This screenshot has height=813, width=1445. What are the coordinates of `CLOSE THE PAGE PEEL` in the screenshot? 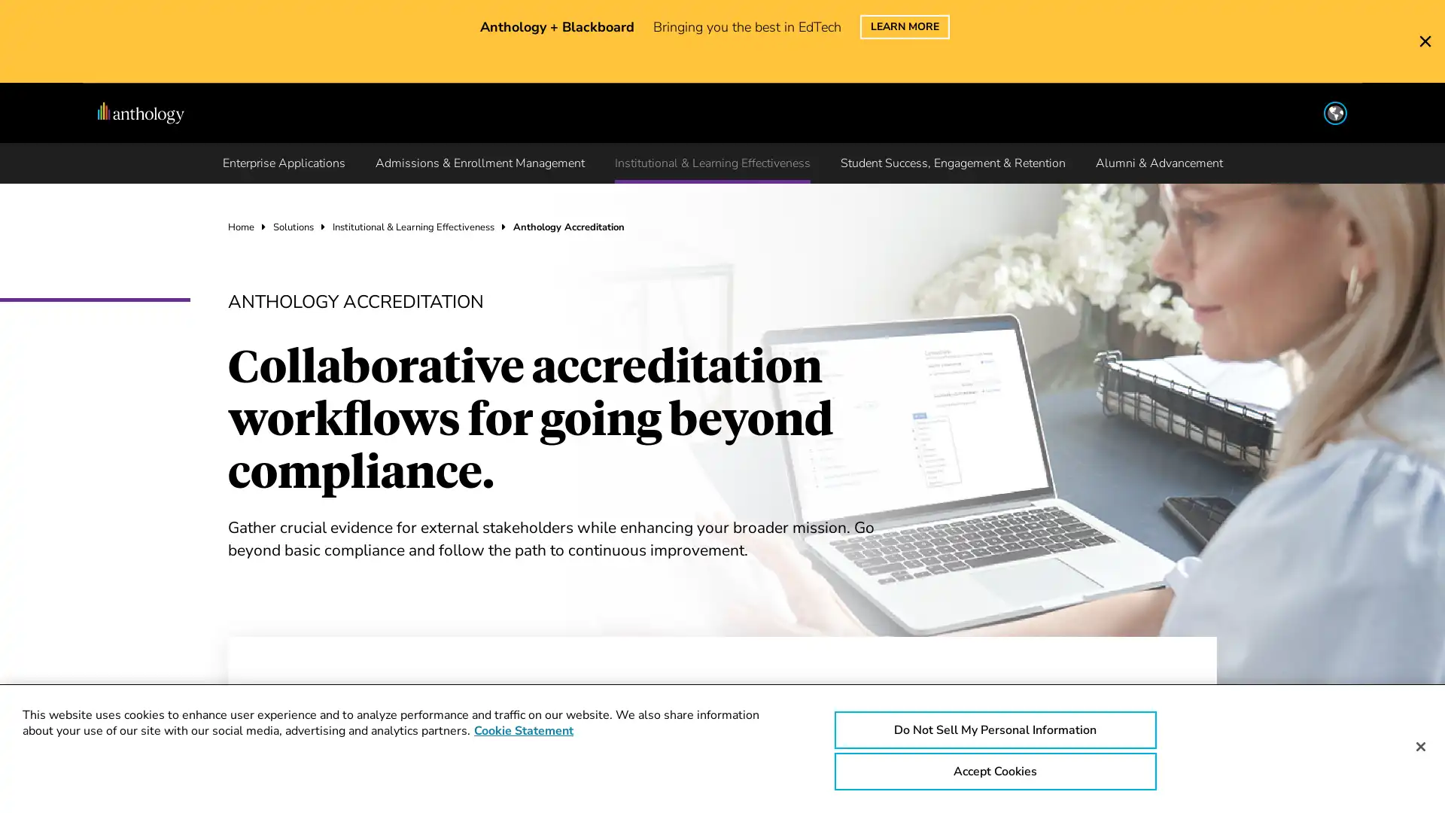 It's located at (1425, 26).